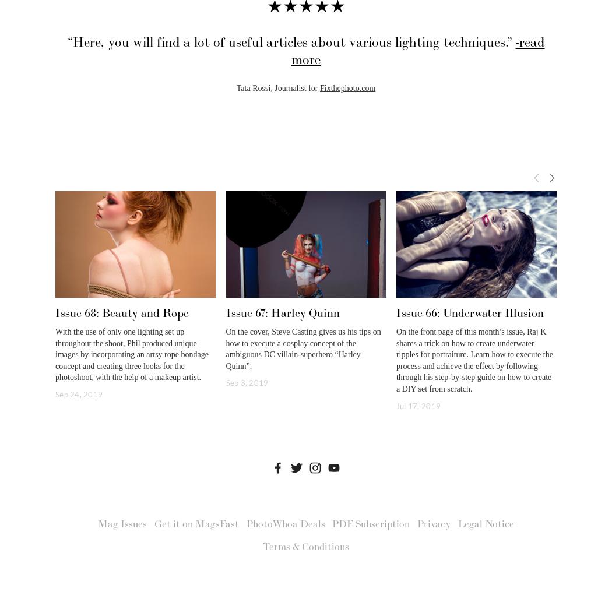 The width and height of the screenshot is (612, 609). I want to click on 'Legal Notice', so click(485, 524).